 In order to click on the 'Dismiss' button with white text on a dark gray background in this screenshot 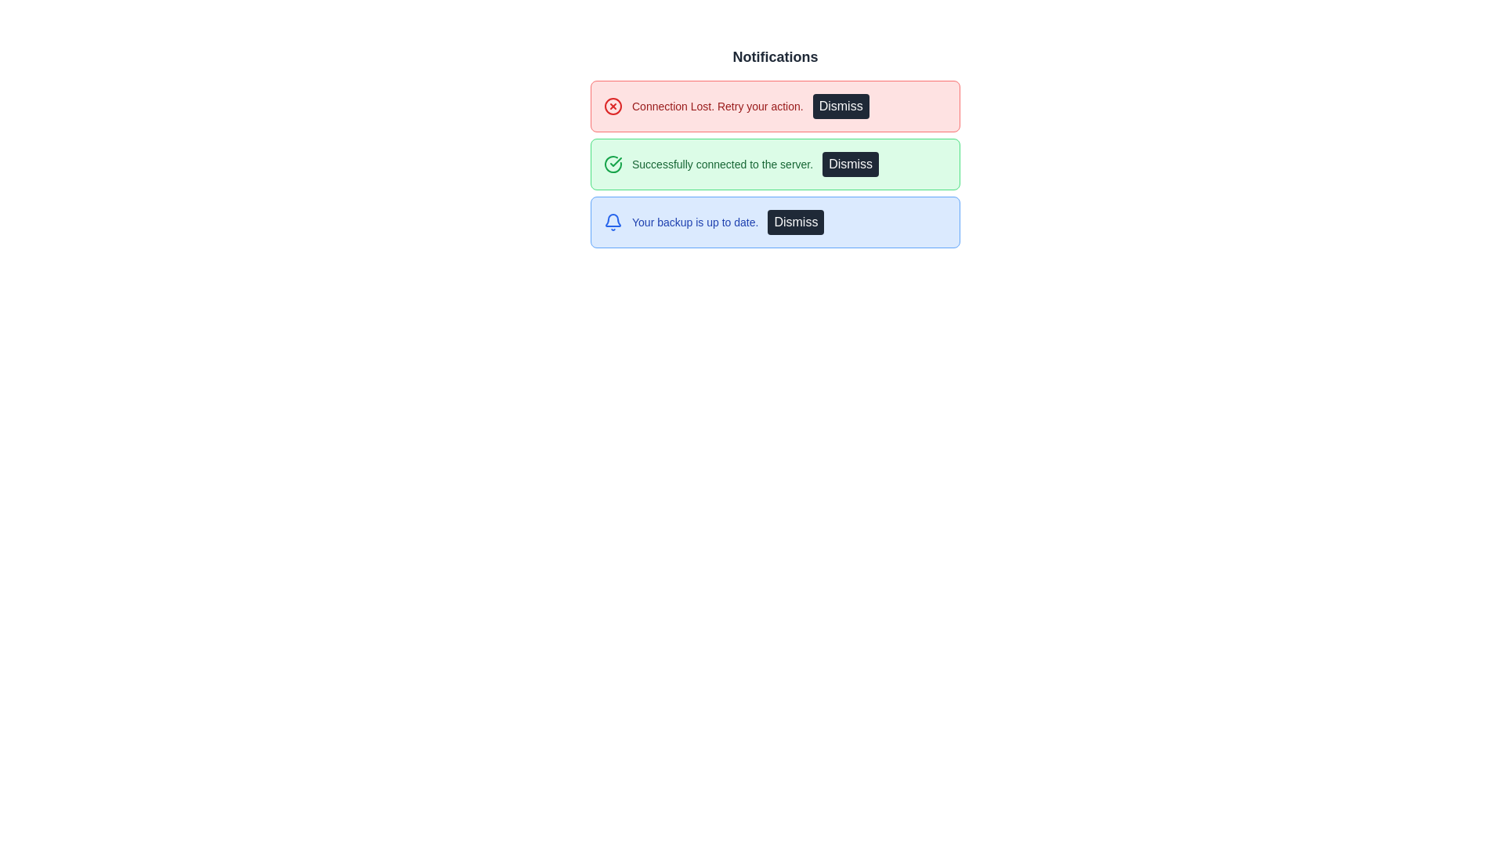, I will do `click(796, 222)`.